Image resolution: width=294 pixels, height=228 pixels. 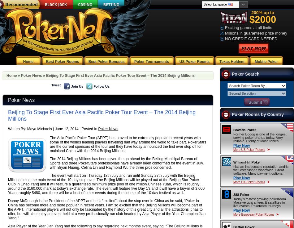 I want to click on 'Best Poker Rooms', so click(x=62, y=61).